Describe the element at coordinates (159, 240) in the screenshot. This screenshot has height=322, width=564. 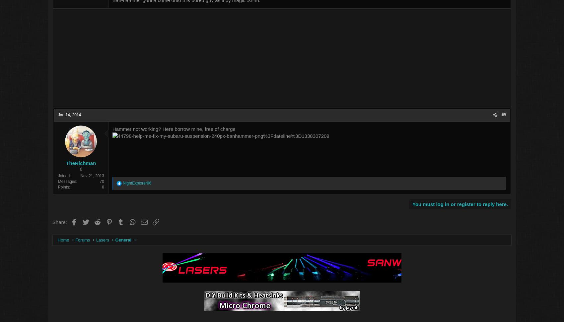
I see `'General'` at that location.